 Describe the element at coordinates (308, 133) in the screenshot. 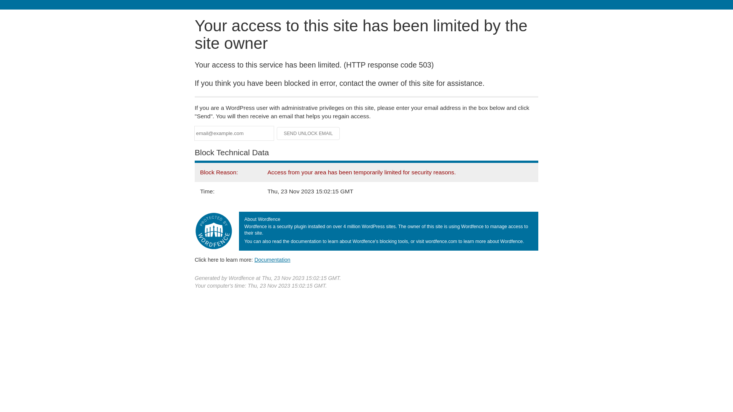

I see `'Send Unlock Email'` at that location.